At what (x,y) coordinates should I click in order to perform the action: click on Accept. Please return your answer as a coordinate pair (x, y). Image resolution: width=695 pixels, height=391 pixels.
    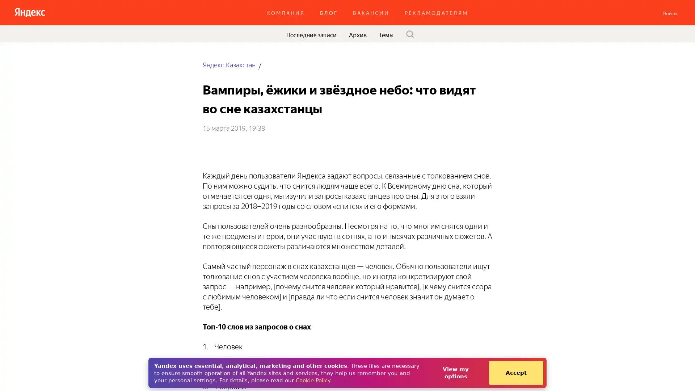
    Looking at the image, I should click on (515, 373).